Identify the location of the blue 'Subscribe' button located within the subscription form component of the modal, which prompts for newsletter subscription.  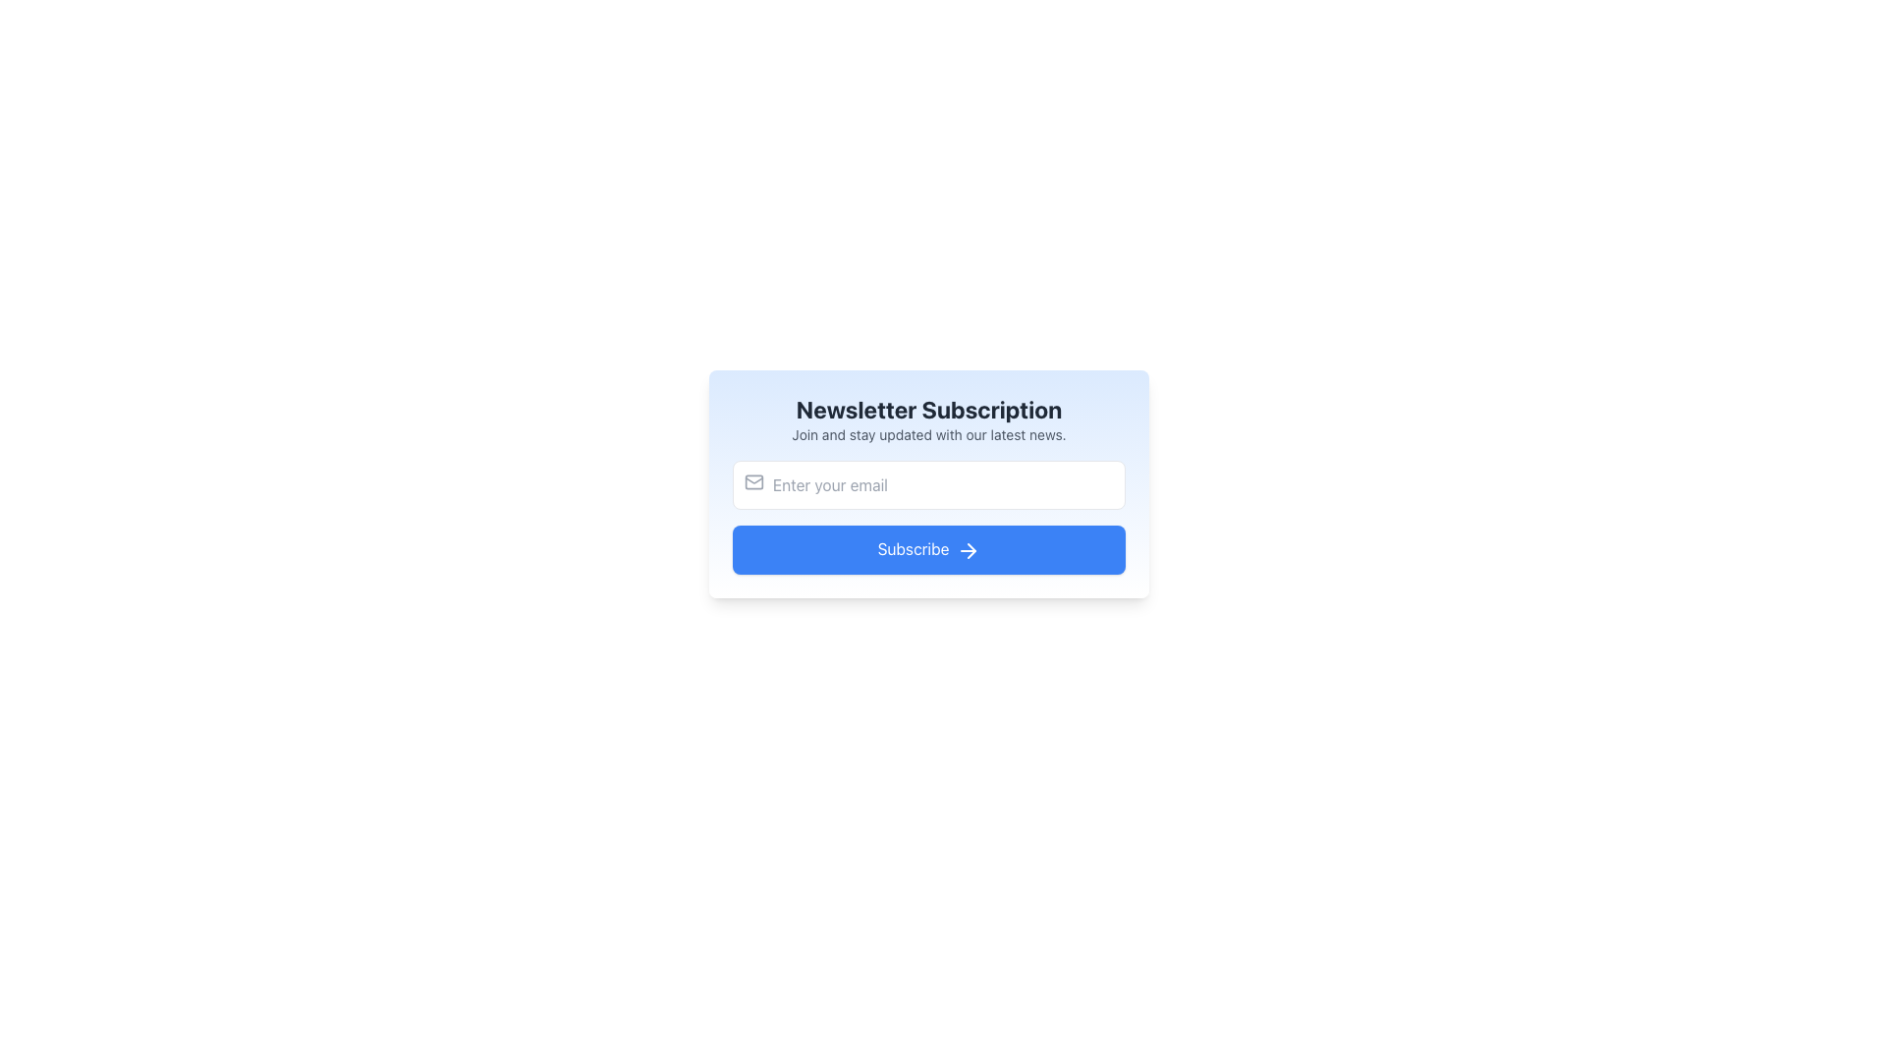
(927, 554).